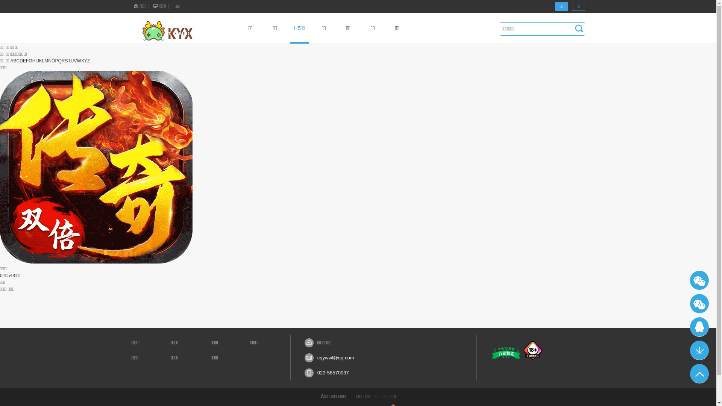  Describe the element at coordinates (79, 61) in the screenshot. I see `'W'` at that location.